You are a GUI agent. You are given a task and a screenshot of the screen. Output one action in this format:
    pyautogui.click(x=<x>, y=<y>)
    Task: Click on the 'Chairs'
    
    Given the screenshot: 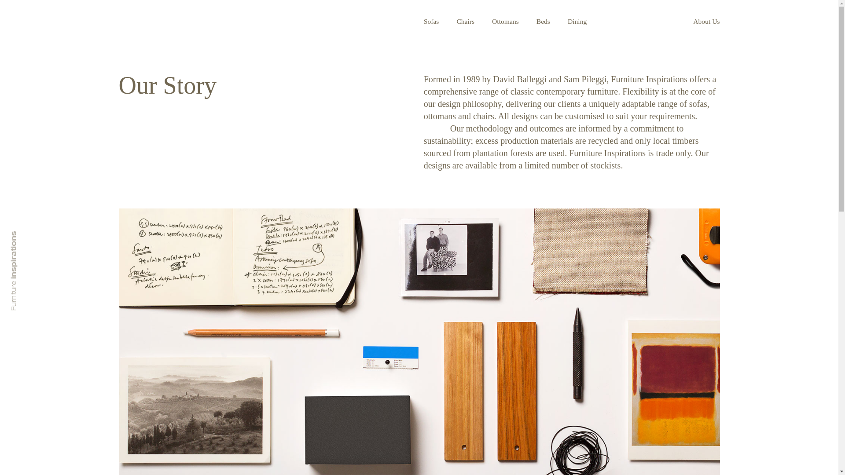 What is the action you would take?
    pyautogui.click(x=465, y=21)
    